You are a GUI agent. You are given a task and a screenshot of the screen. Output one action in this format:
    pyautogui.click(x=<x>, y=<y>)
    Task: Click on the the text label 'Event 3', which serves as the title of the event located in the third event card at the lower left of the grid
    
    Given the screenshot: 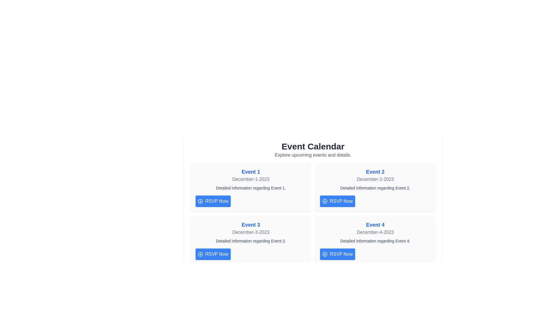 What is the action you would take?
    pyautogui.click(x=251, y=224)
    